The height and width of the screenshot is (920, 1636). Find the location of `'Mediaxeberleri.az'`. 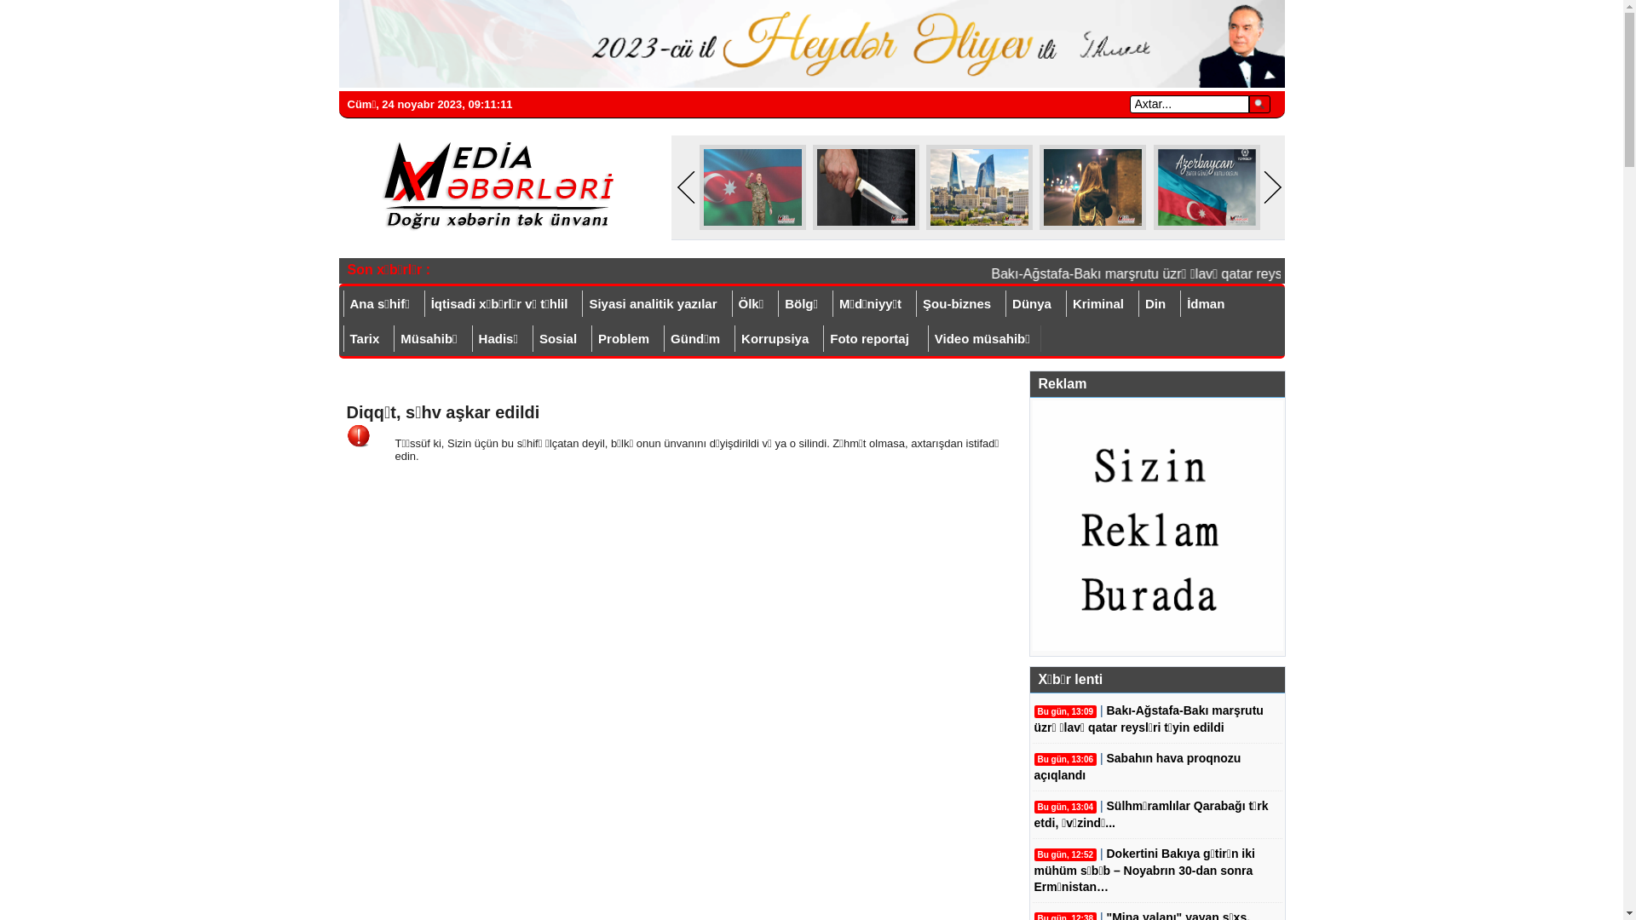

'Mediaxeberleri.az' is located at coordinates (491, 187).